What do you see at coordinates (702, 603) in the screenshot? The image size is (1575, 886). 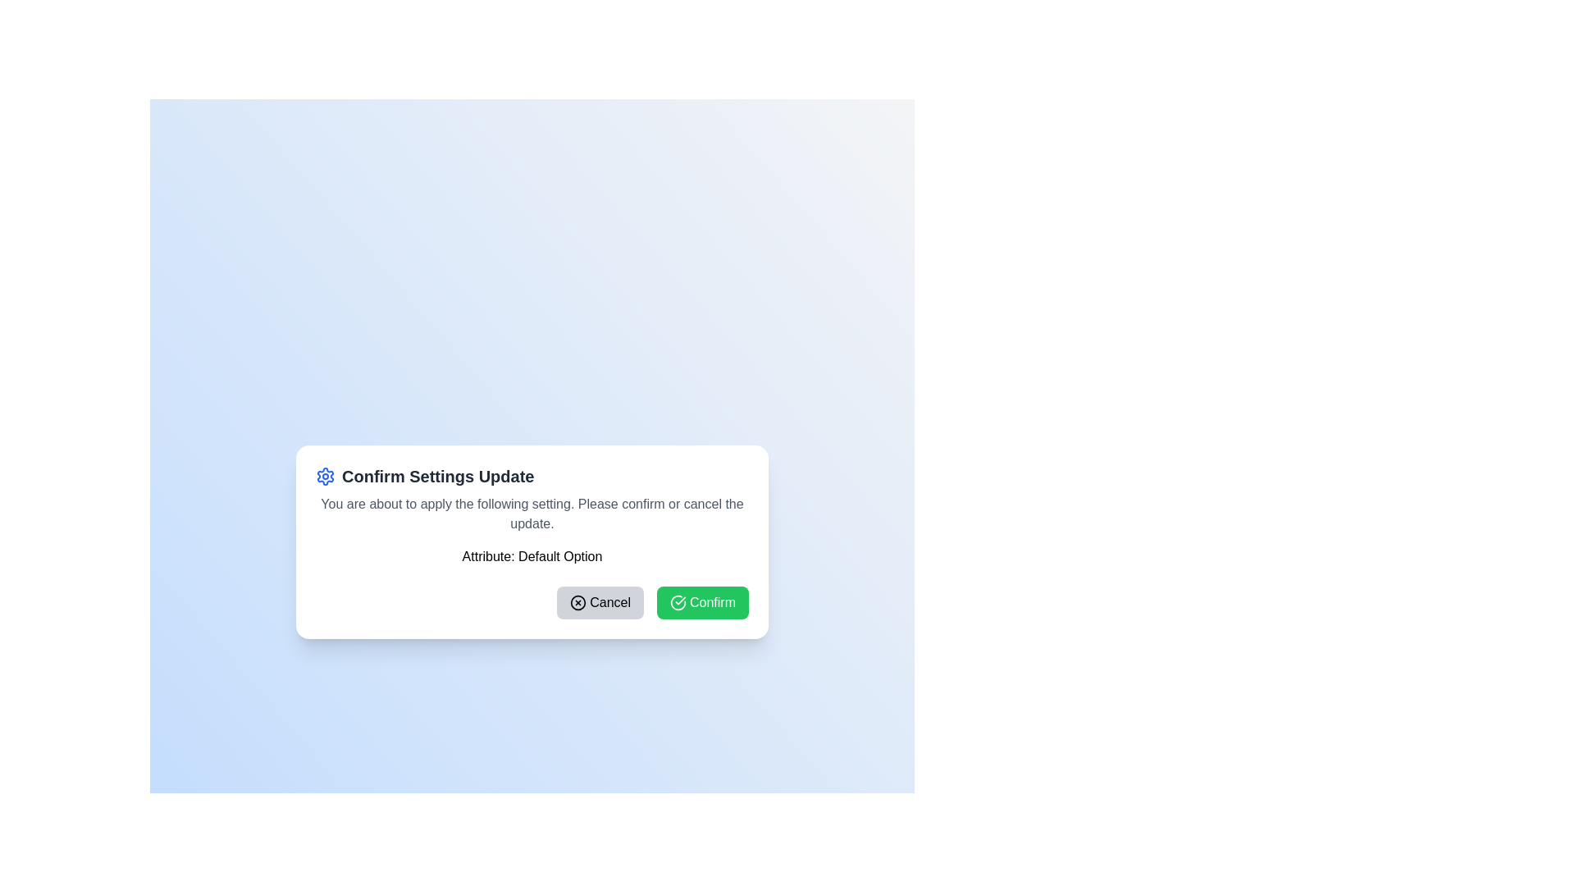 I see `the confirmation button positioned to the right of the gray 'Cancel' button in the bottom section of the confirmation dialog box to confirm the action` at bounding box center [702, 603].